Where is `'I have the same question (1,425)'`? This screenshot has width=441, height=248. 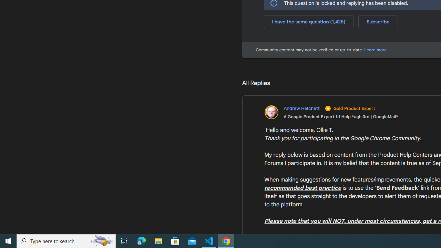
'I have the same question (1,425)' is located at coordinates (308, 21).